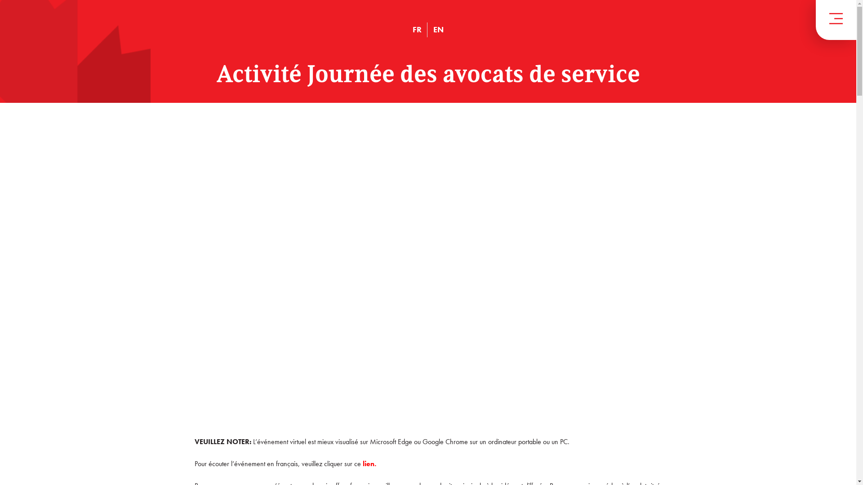 This screenshot has width=863, height=485. I want to click on 'lien.', so click(369, 463).